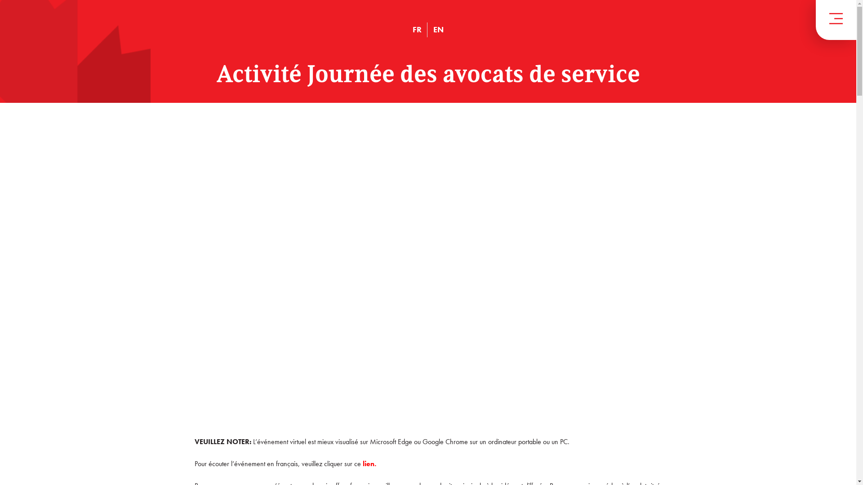 This screenshot has width=863, height=485. I want to click on 'lien.', so click(369, 463).